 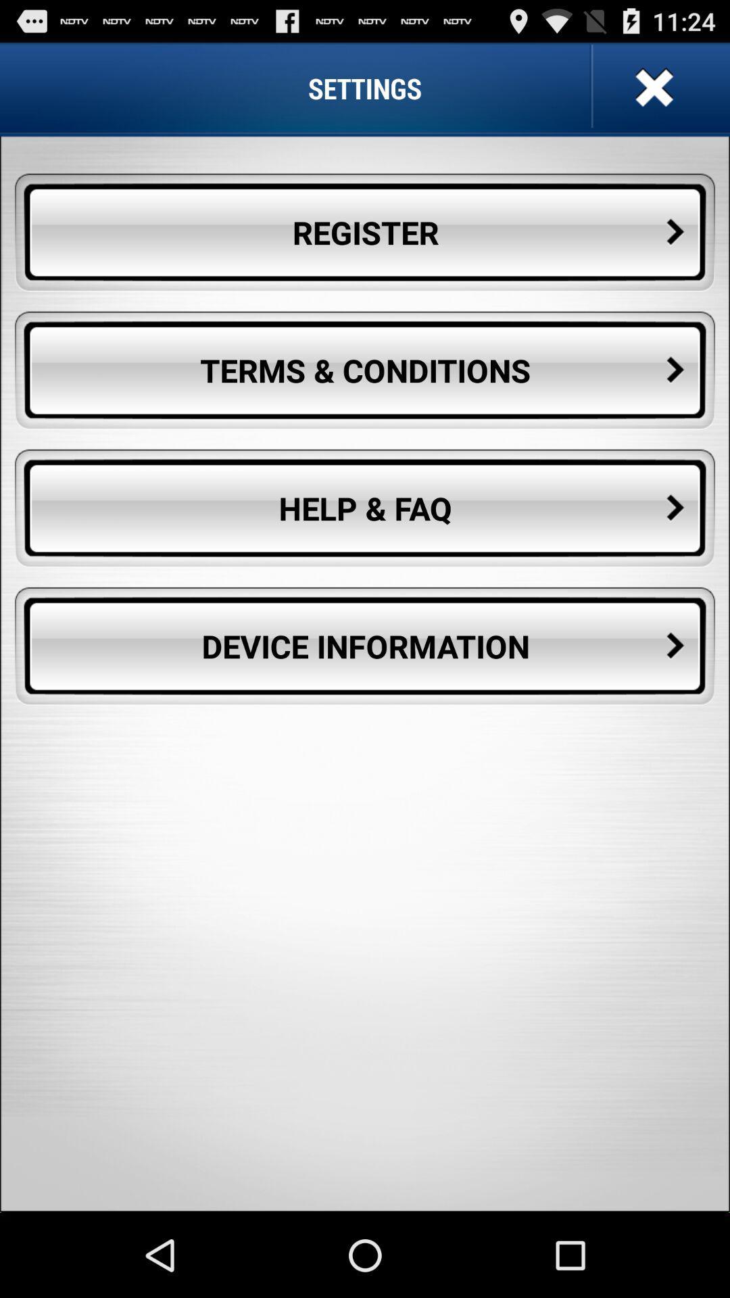 What do you see at coordinates (365, 646) in the screenshot?
I see `the device information icon` at bounding box center [365, 646].